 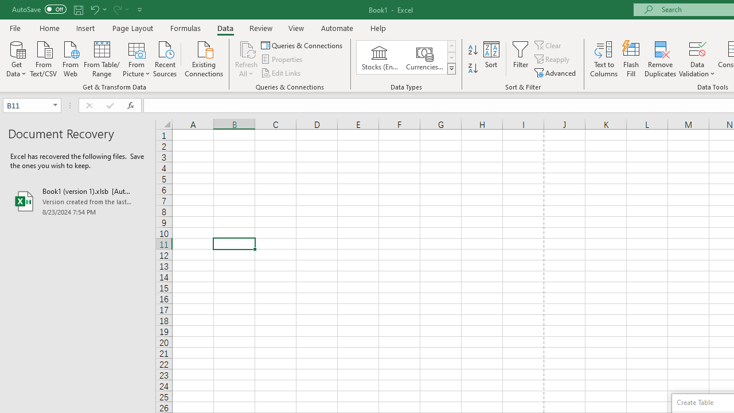 I want to click on 'Properties', so click(x=282, y=59).